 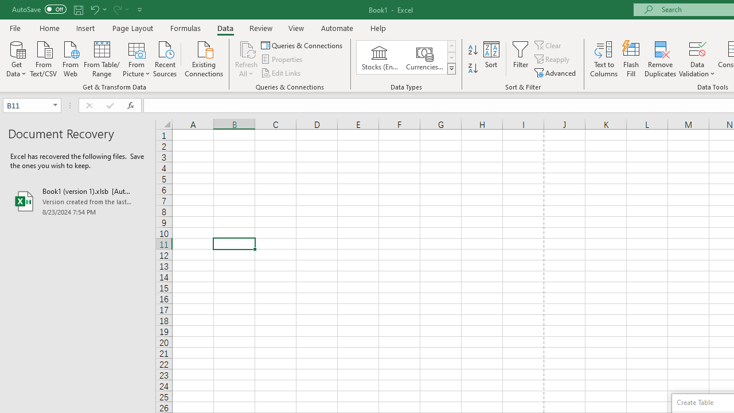 I want to click on 'Properties', so click(x=282, y=59).